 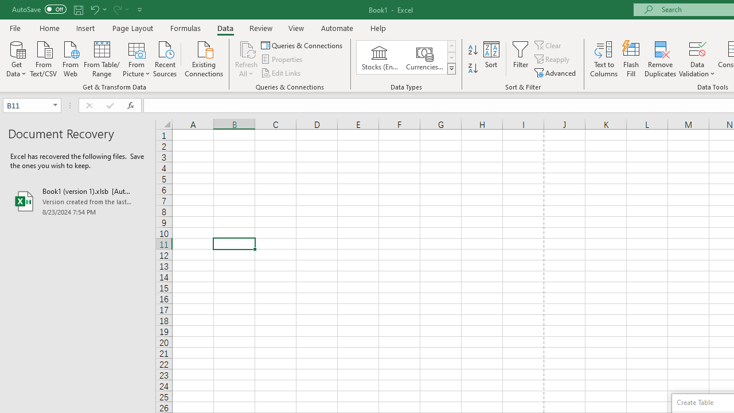 I want to click on 'Properties', so click(x=282, y=59).